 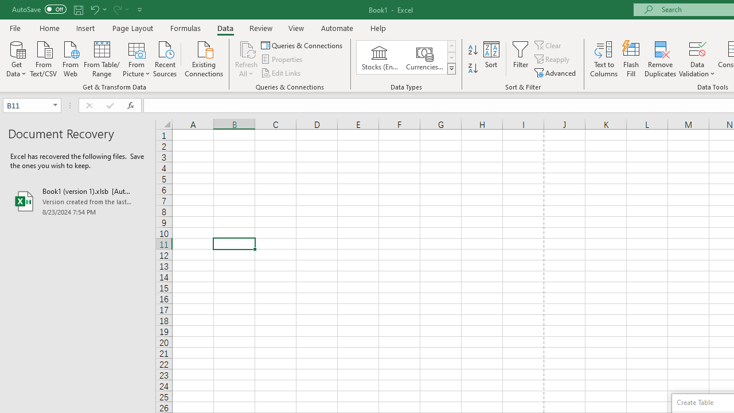 I want to click on 'Properties', so click(x=282, y=59).